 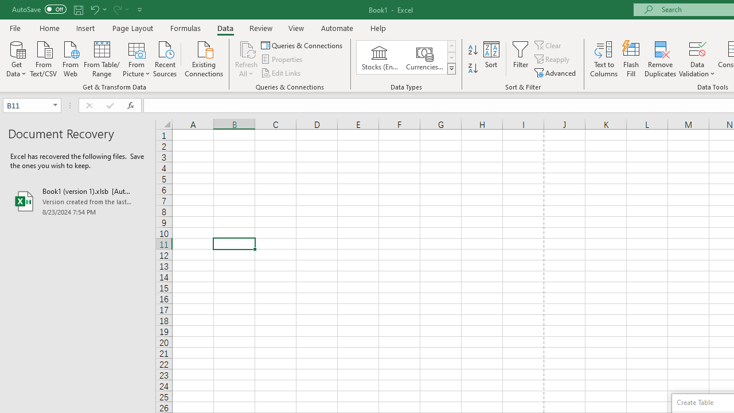 I want to click on 'Properties', so click(x=282, y=59).